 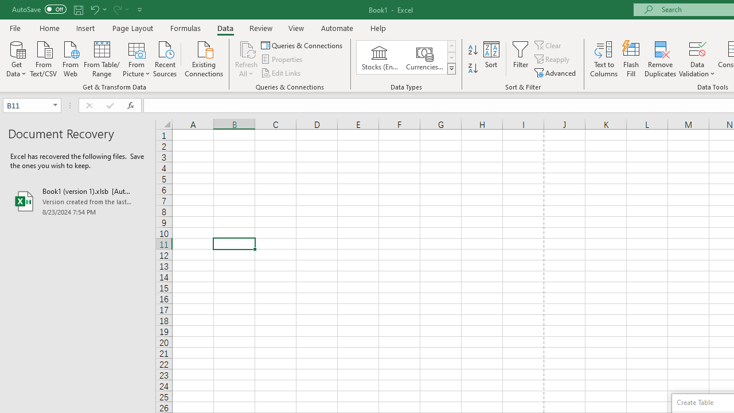 I want to click on 'Properties', so click(x=282, y=59).